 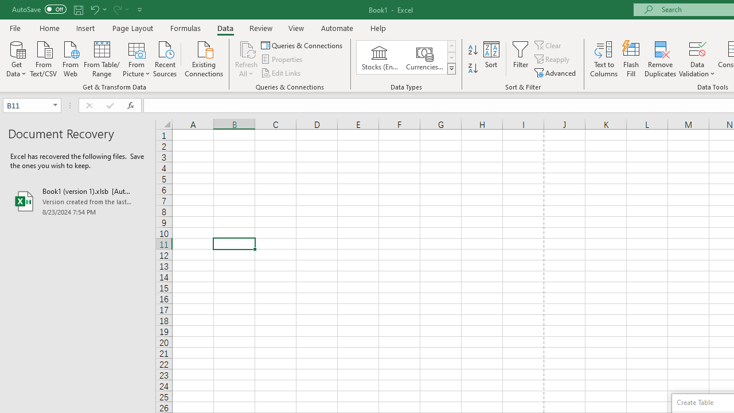 I want to click on 'Properties', so click(x=282, y=59).